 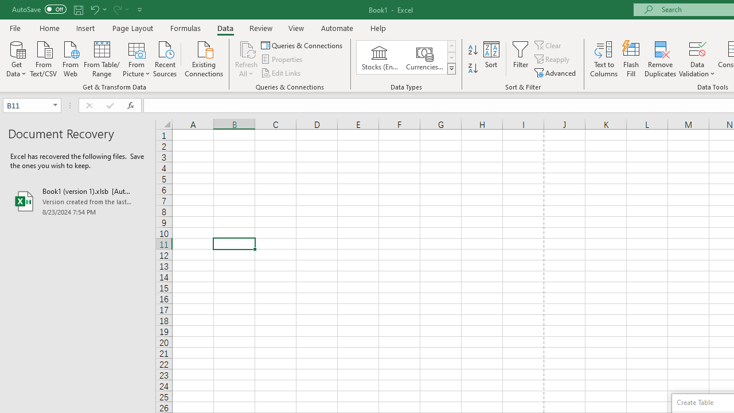 I want to click on 'Properties', so click(x=282, y=59).